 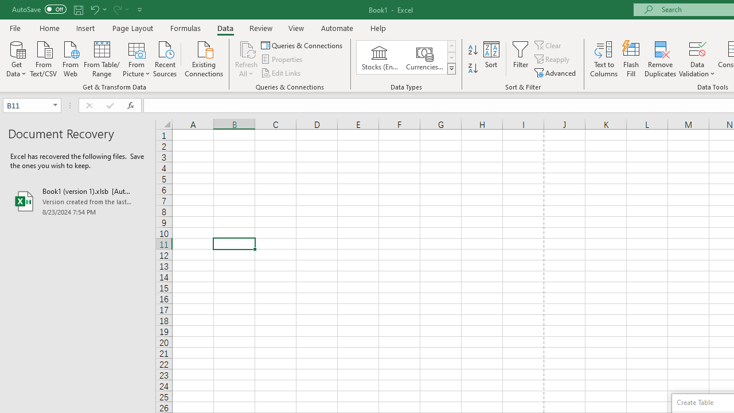 I want to click on 'Properties', so click(x=282, y=59).